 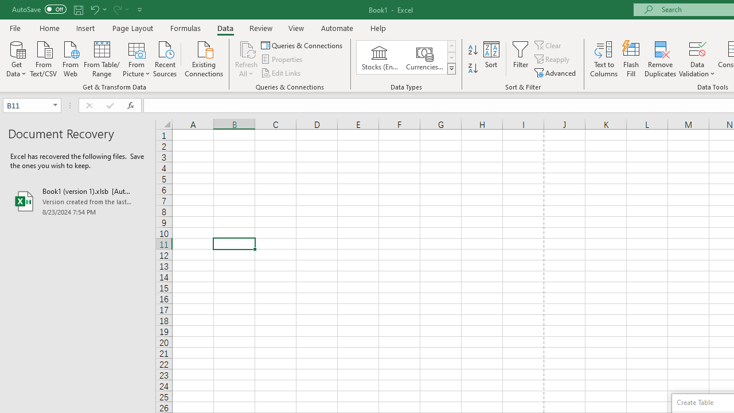 I want to click on 'Properties', so click(x=282, y=59).